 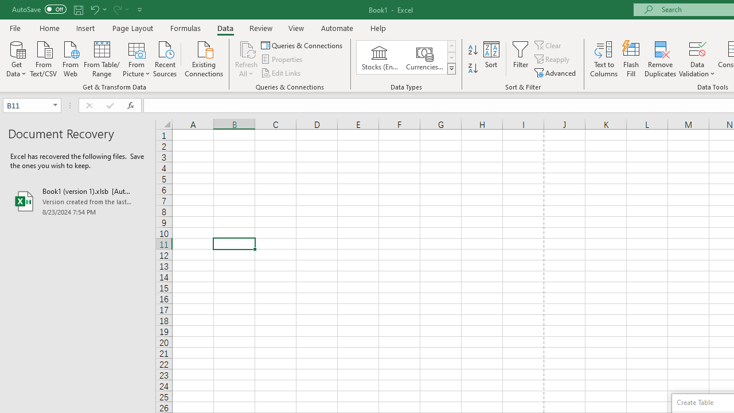 I want to click on 'Properties', so click(x=282, y=59).